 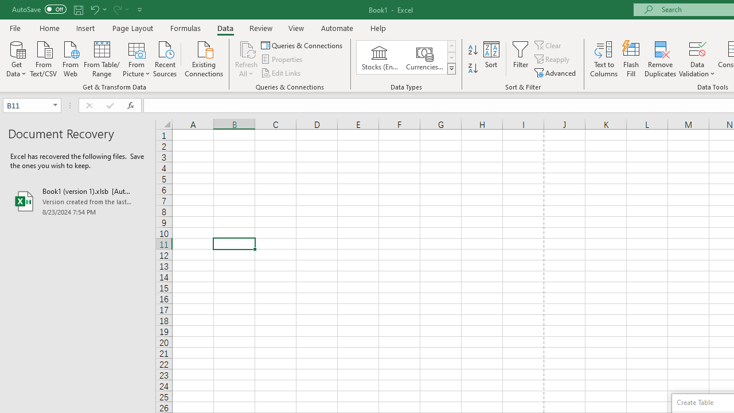 I want to click on 'Properties', so click(x=282, y=59).